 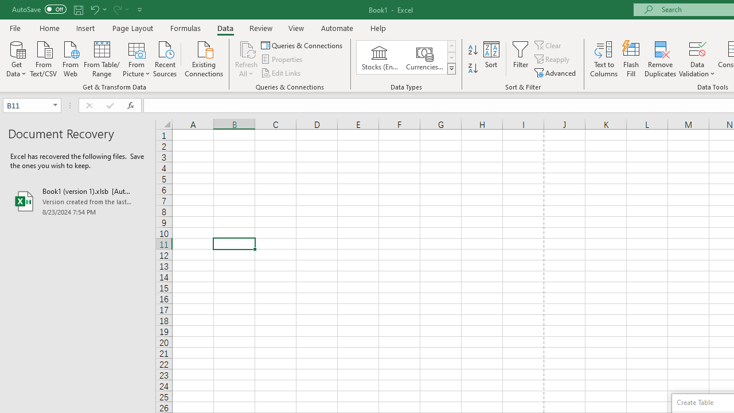 I want to click on 'Properties', so click(x=282, y=59).